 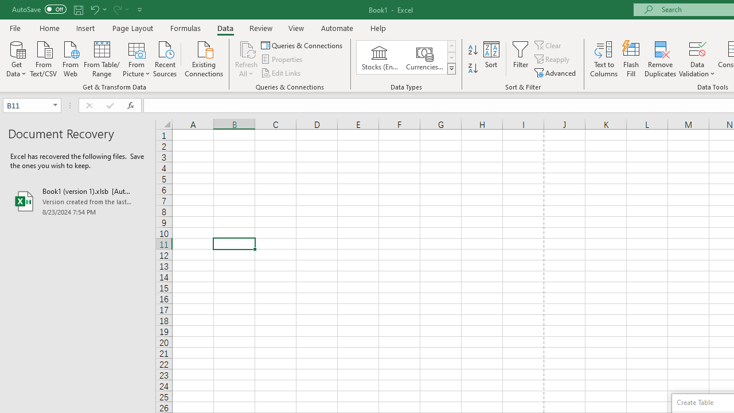 I want to click on 'Properties', so click(x=282, y=59).